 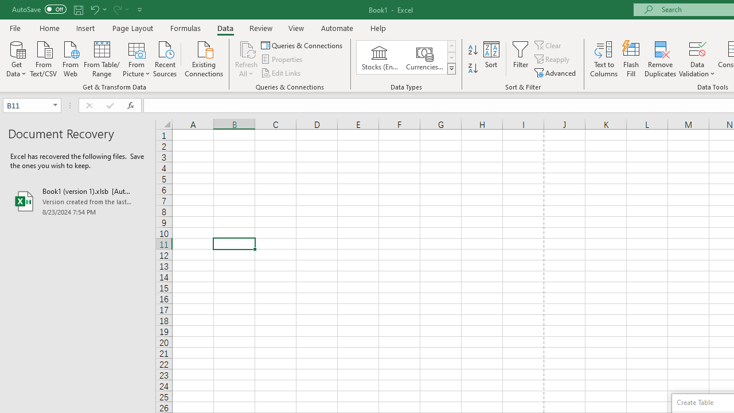 I want to click on 'Properties', so click(x=282, y=59).